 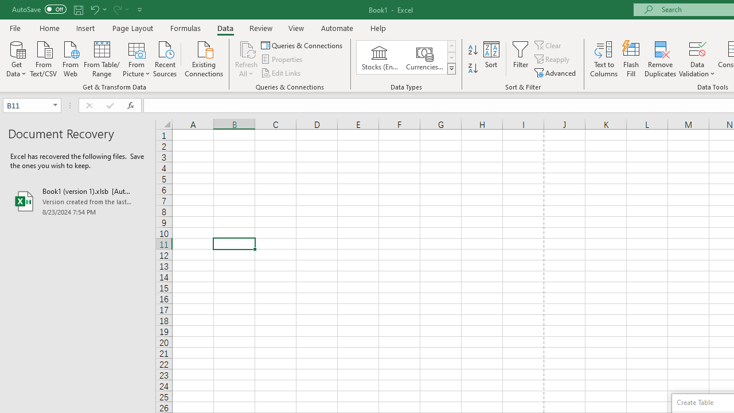 I want to click on 'Properties', so click(x=282, y=59).